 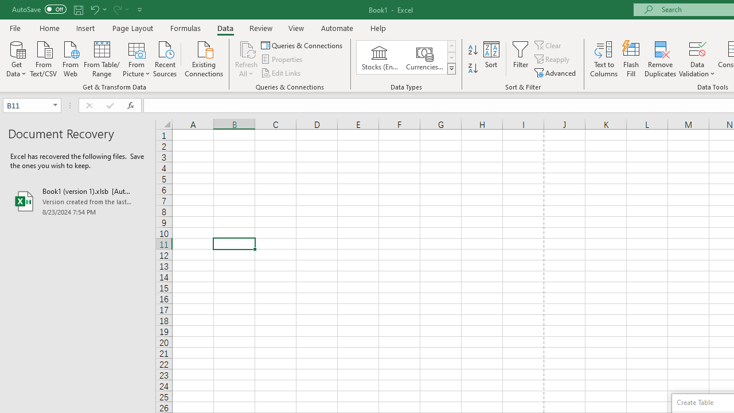 I want to click on 'Properties', so click(x=282, y=59).